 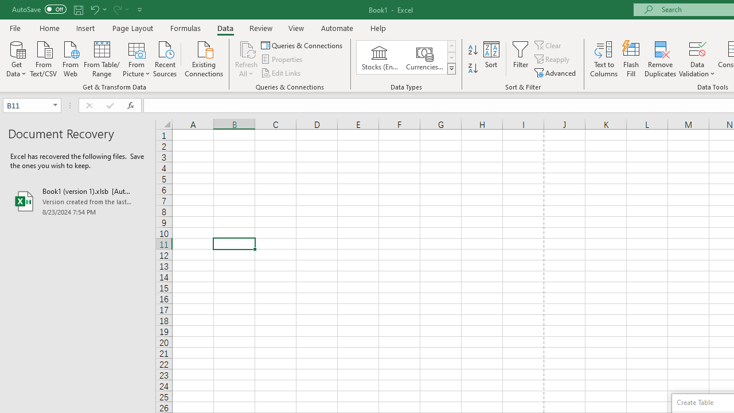 I want to click on 'Properties', so click(x=282, y=59).